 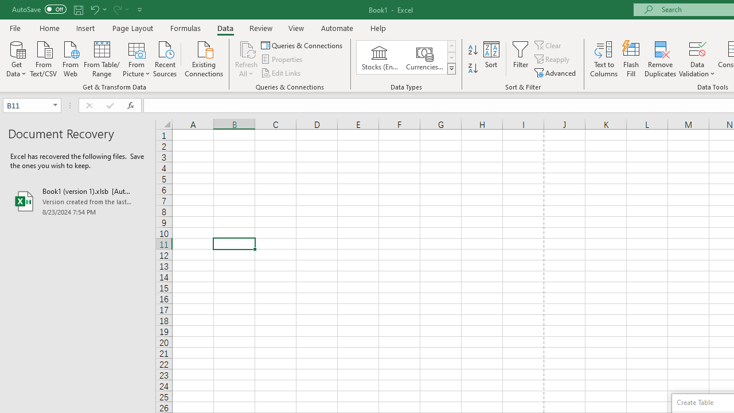 I want to click on 'Properties', so click(x=282, y=59).